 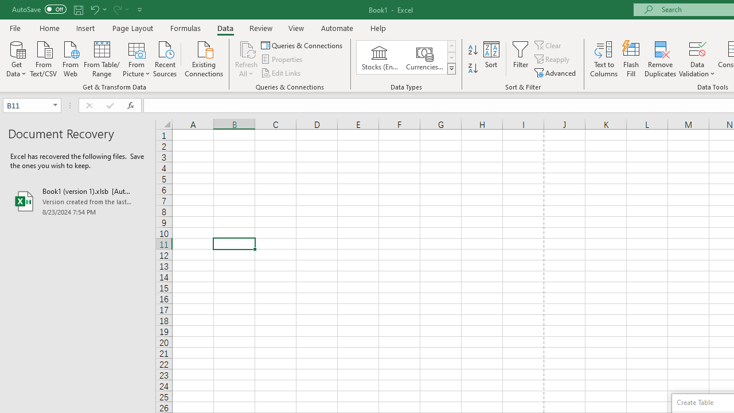 I want to click on 'Properties', so click(x=282, y=59).